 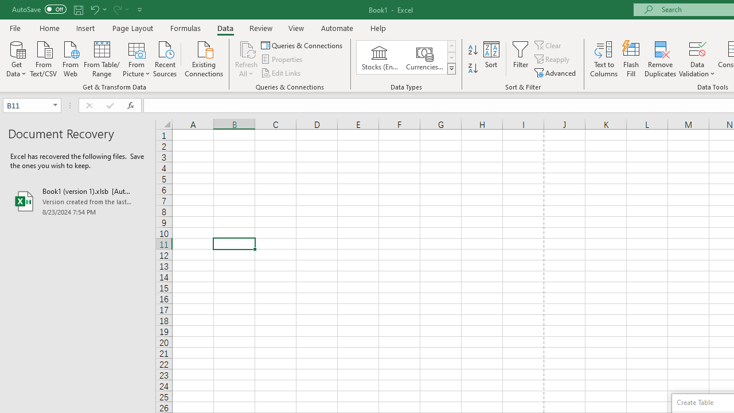 I want to click on 'Properties', so click(x=282, y=59).